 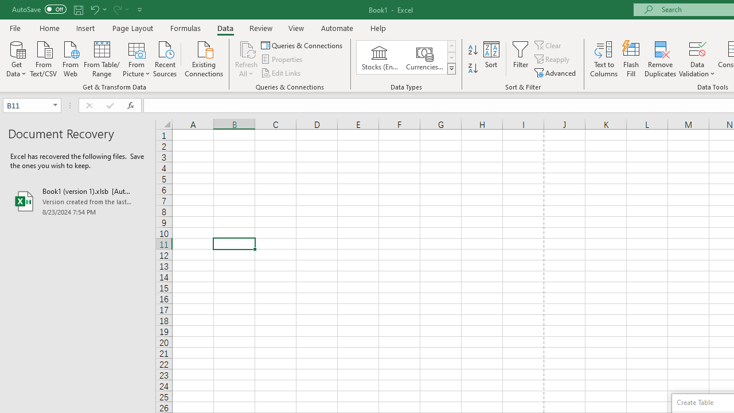 I want to click on 'Properties', so click(x=282, y=59).